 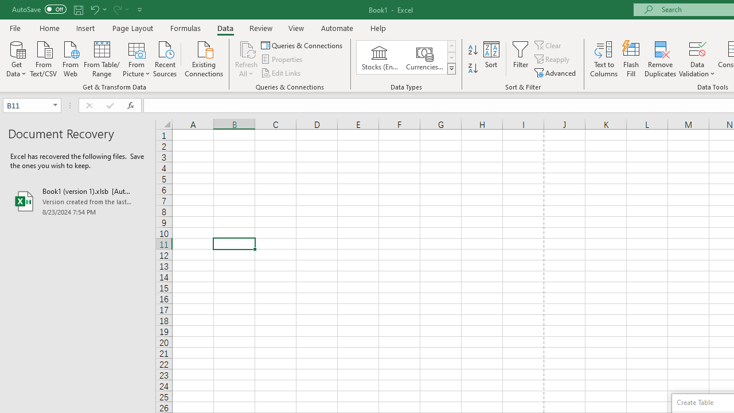 I want to click on 'Properties', so click(x=282, y=59).